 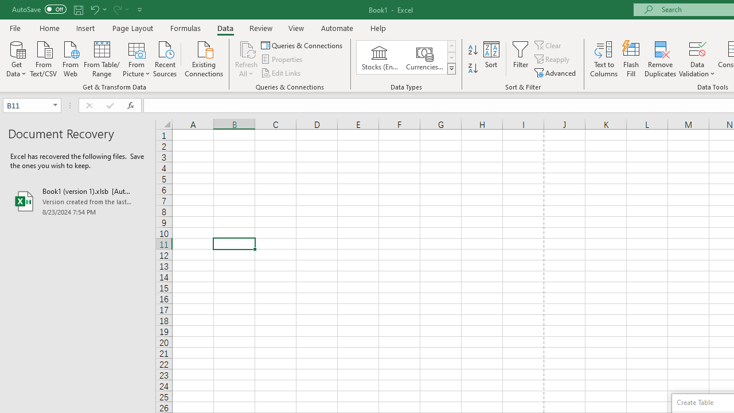 I want to click on 'Properties', so click(x=282, y=59).